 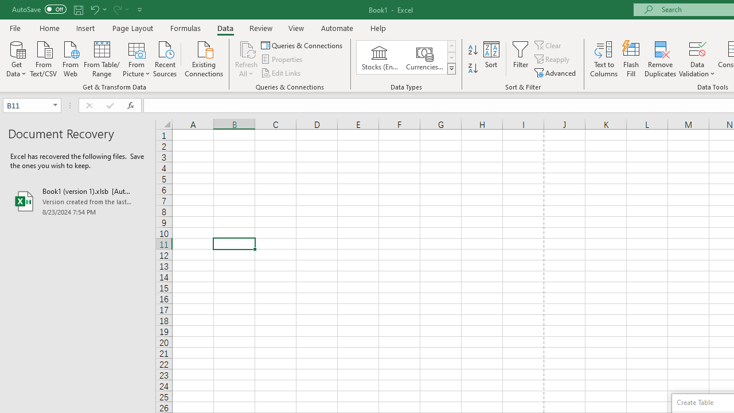 I want to click on 'Properties', so click(x=282, y=59).